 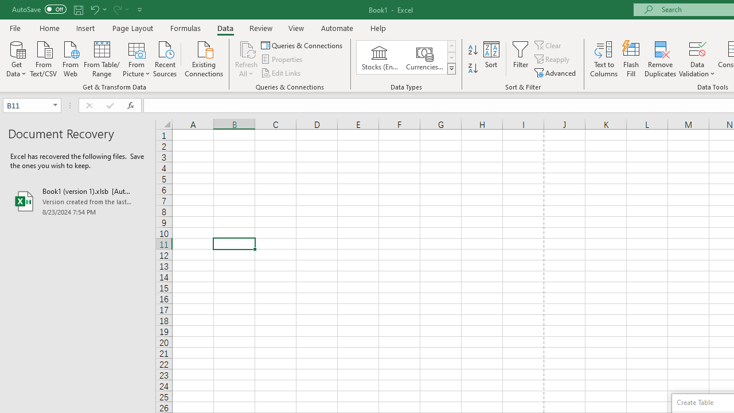 I want to click on 'Properties', so click(x=282, y=59).